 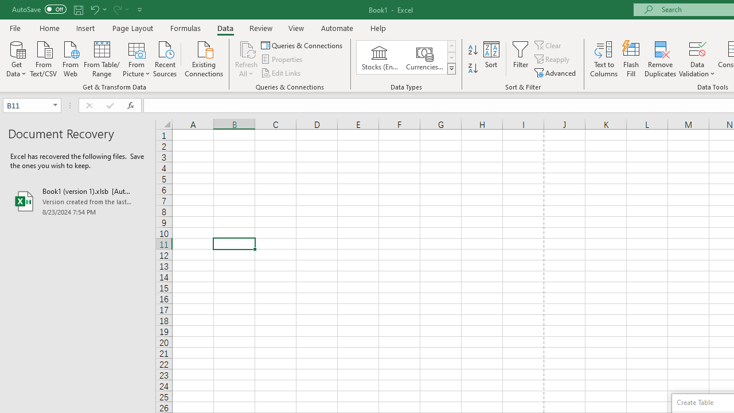 I want to click on 'Properties', so click(x=282, y=59).